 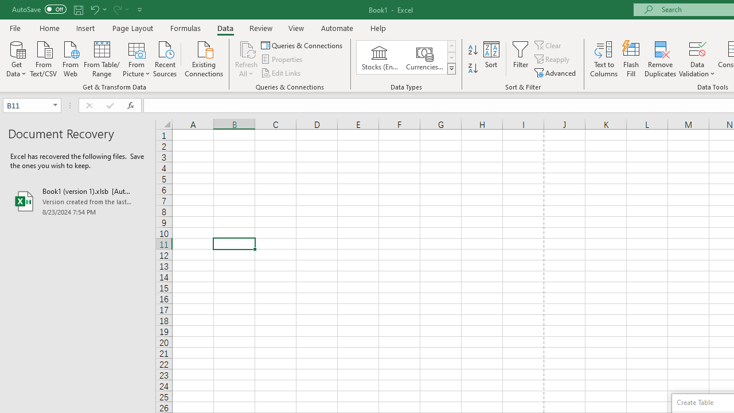 I want to click on 'Properties', so click(x=282, y=59).